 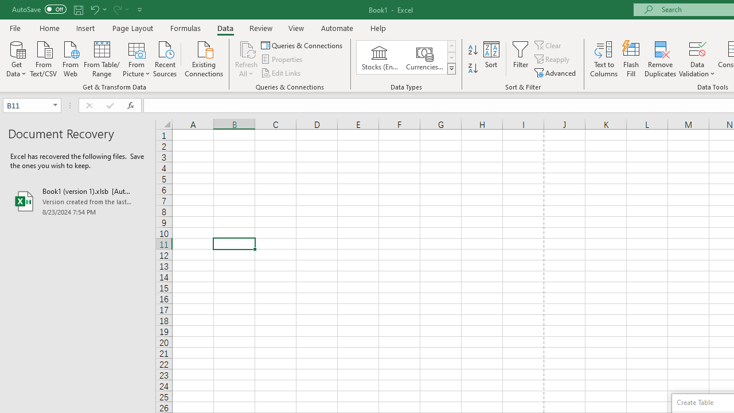 I want to click on 'Properties', so click(x=282, y=59).